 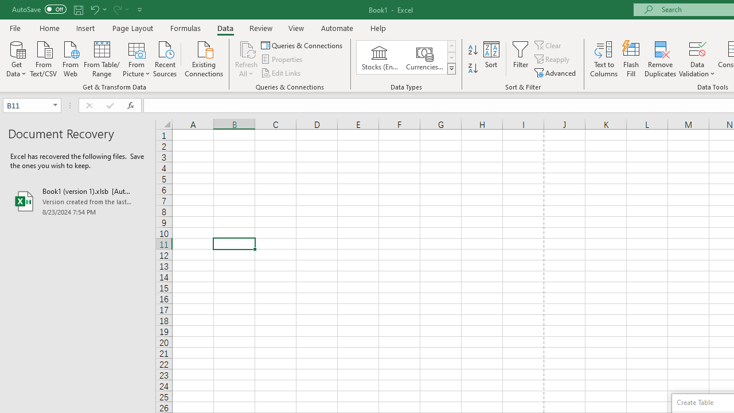 I want to click on 'Properties', so click(x=282, y=59).